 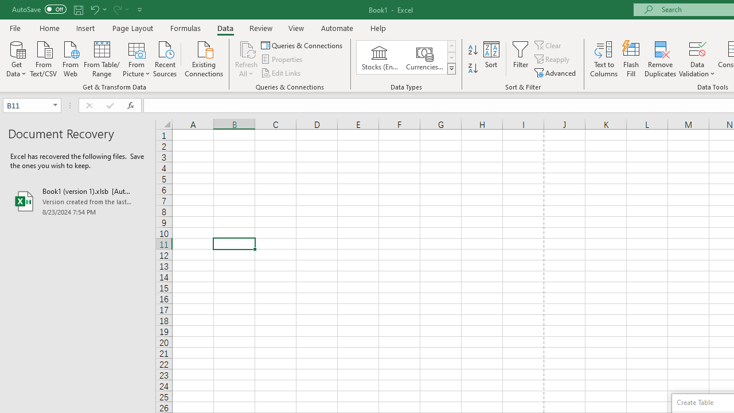 I want to click on 'Properties', so click(x=282, y=59).